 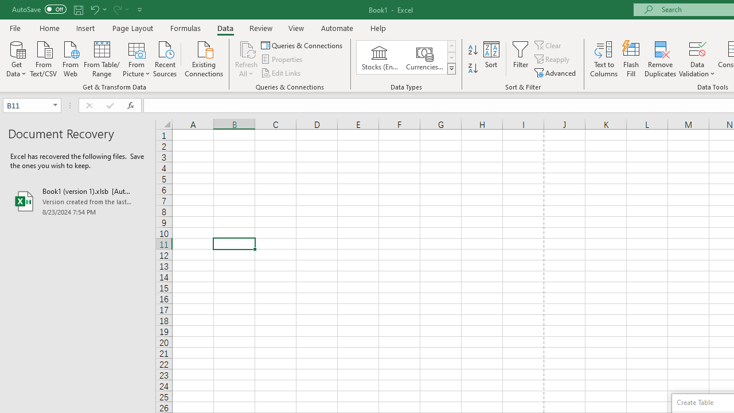 I want to click on 'Properties', so click(x=282, y=59).